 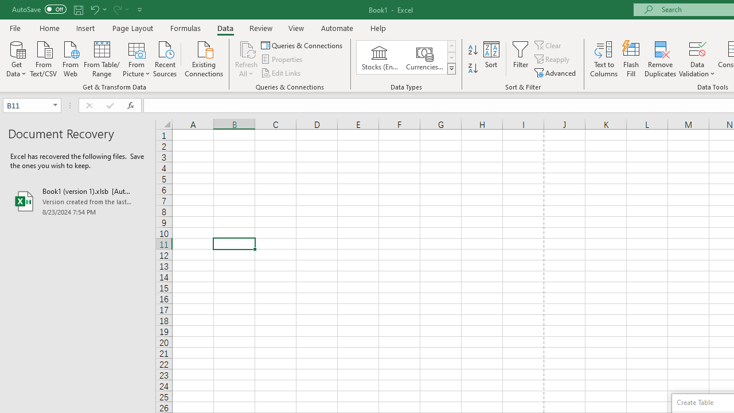 I want to click on 'Properties', so click(x=282, y=59).